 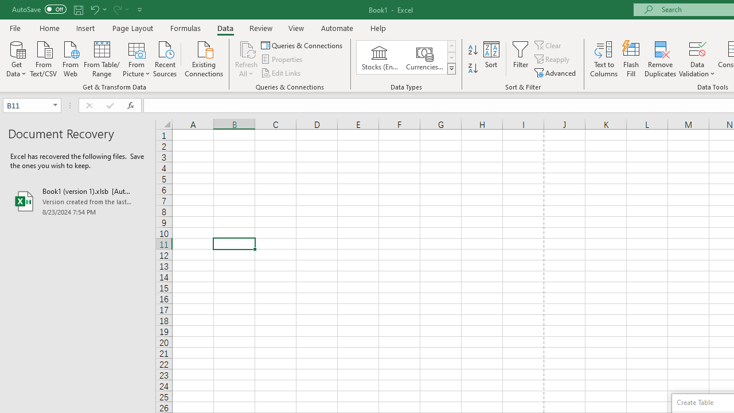 I want to click on 'Properties', so click(x=282, y=59).